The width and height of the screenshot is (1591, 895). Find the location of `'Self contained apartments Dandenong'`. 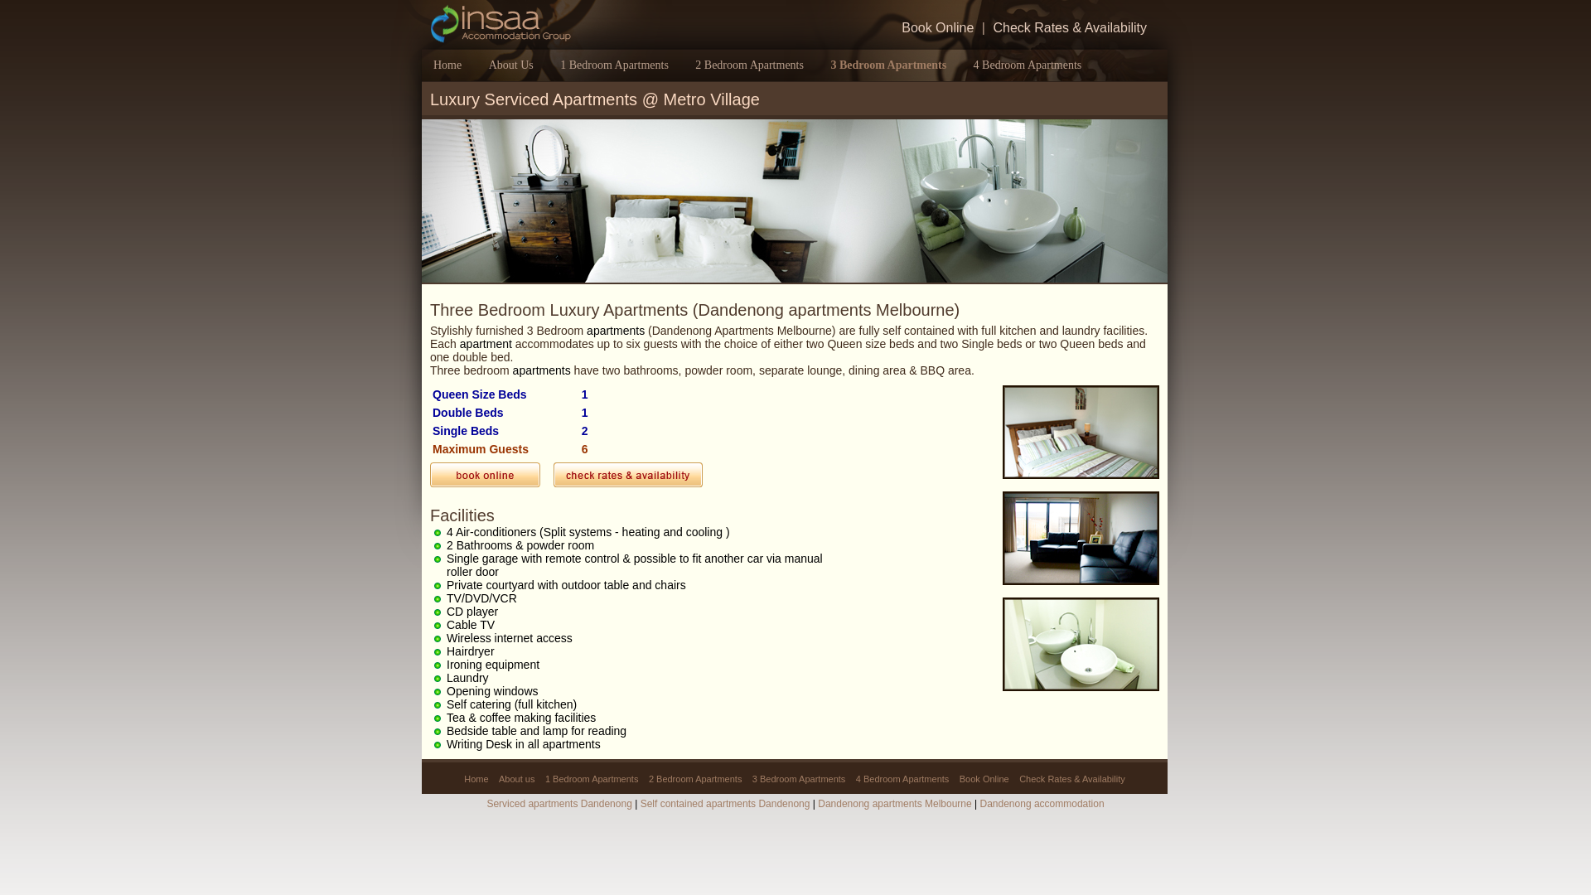

'Self contained apartments Dandenong' is located at coordinates (725, 802).